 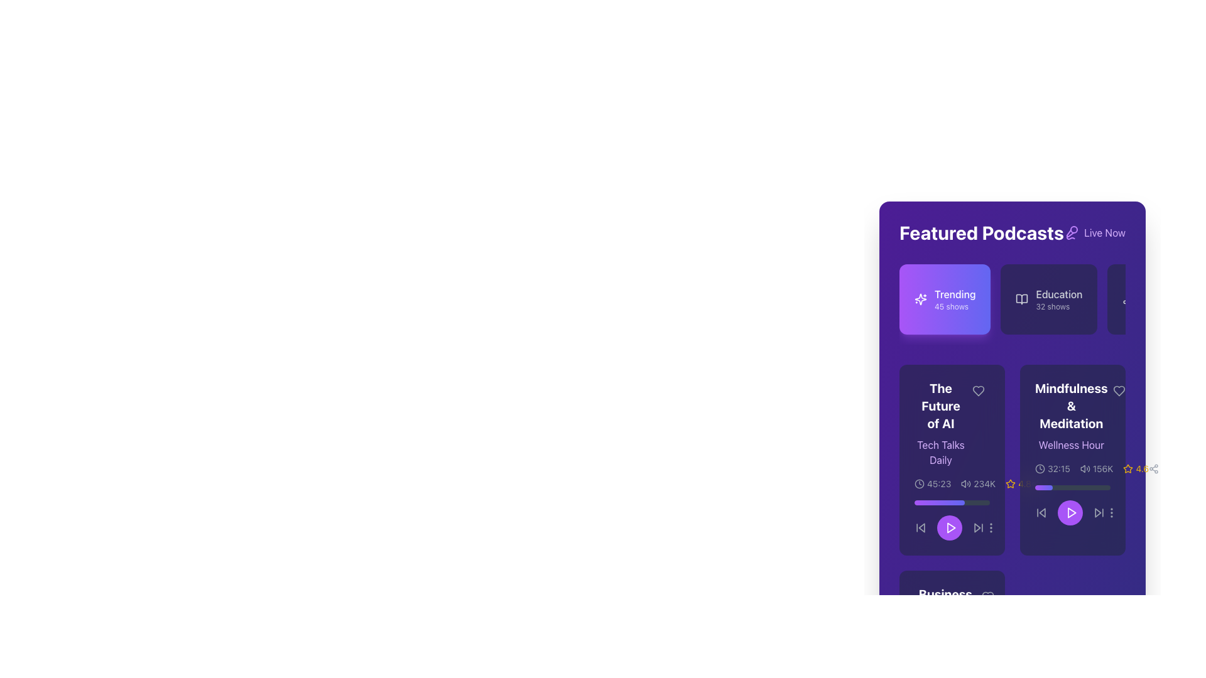 I want to click on the text block displaying 'Mindfulness & Meditation' and 'Wellness Hour' in bold white and purple fonts, located in the right column under 'Featured Podcasts', so click(x=1070, y=416).